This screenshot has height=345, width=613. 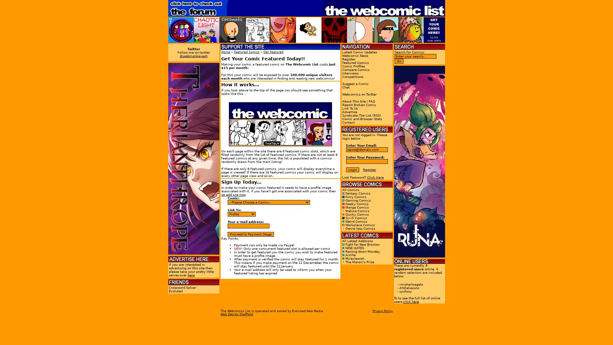 What do you see at coordinates (398, 61) in the screenshot?
I see `Go` at bounding box center [398, 61].